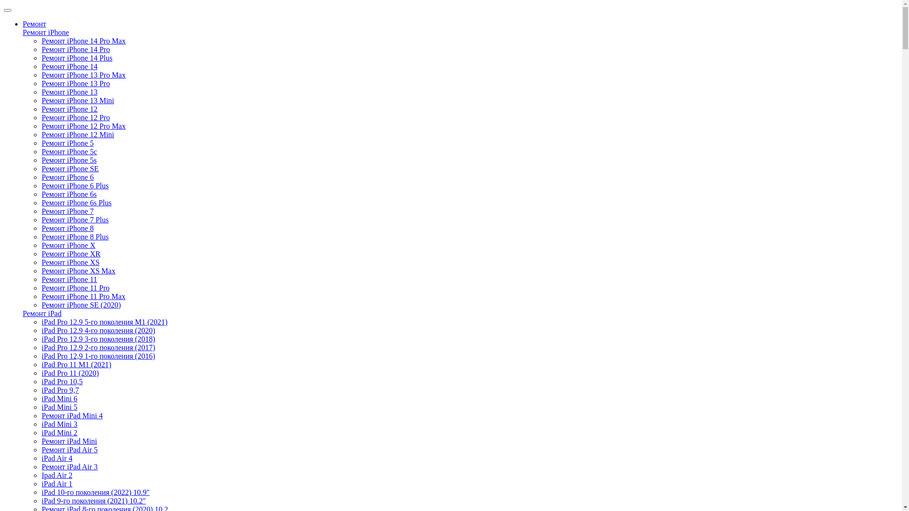 The image size is (909, 511). What do you see at coordinates (70, 372) in the screenshot?
I see `'iPad Pro 11 (2020)'` at bounding box center [70, 372].